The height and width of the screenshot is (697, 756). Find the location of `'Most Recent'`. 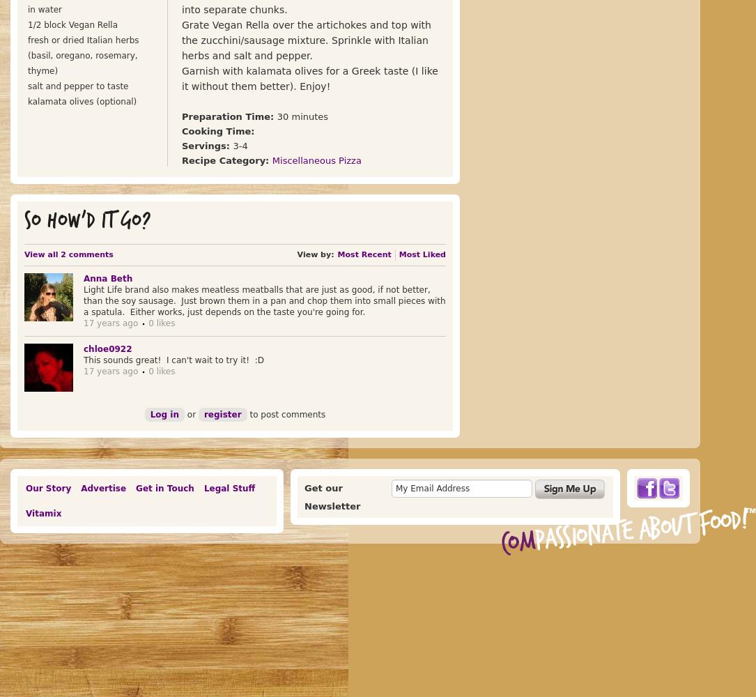

'Most Recent' is located at coordinates (364, 254).